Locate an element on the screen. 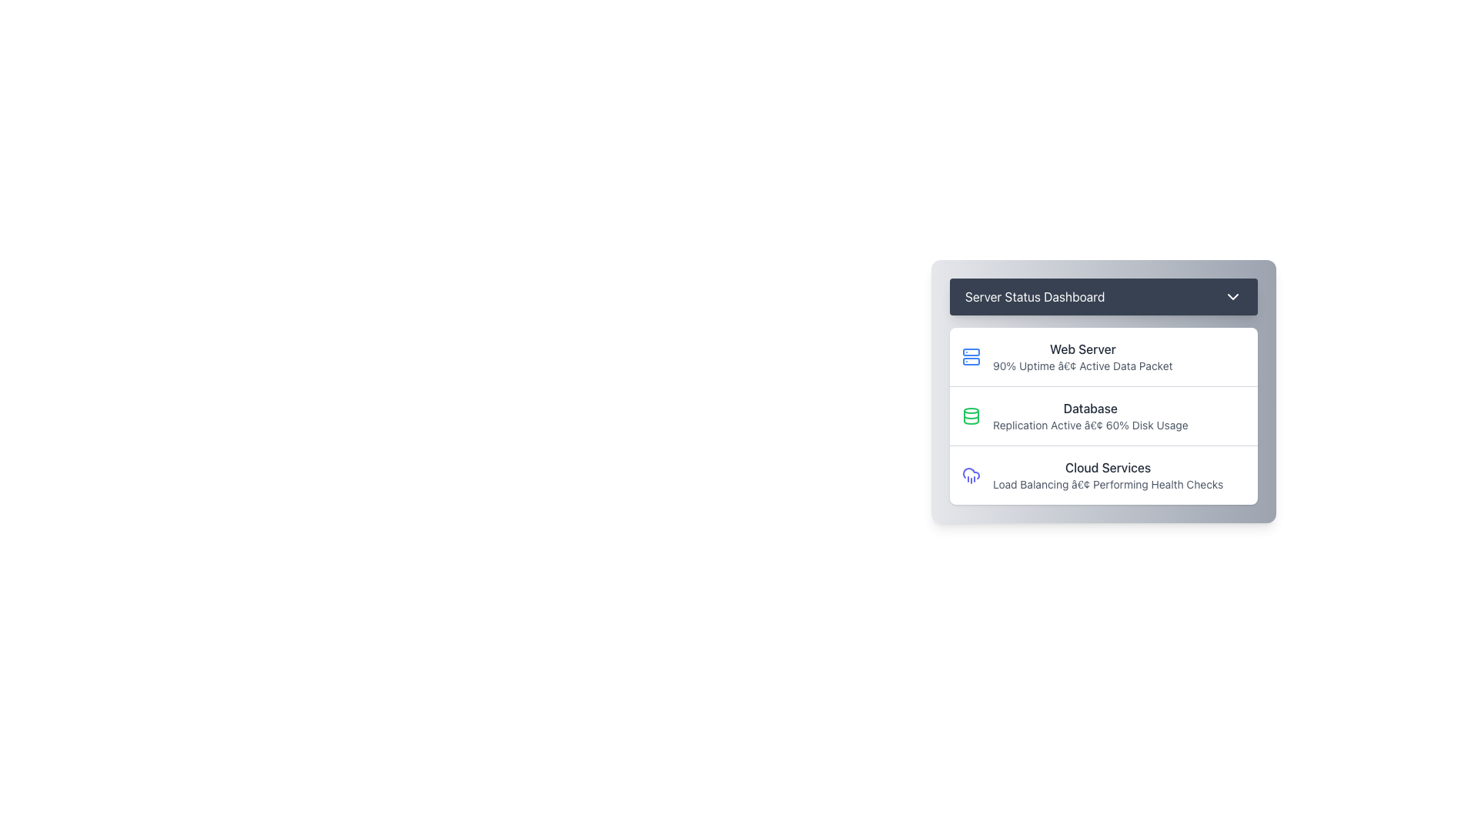 This screenshot has width=1478, height=831. the 'Cloud Services' Text Label located in the 'Server Status Dashboard' card interface, specifically the first text line in its subsection is located at coordinates (1107, 467).